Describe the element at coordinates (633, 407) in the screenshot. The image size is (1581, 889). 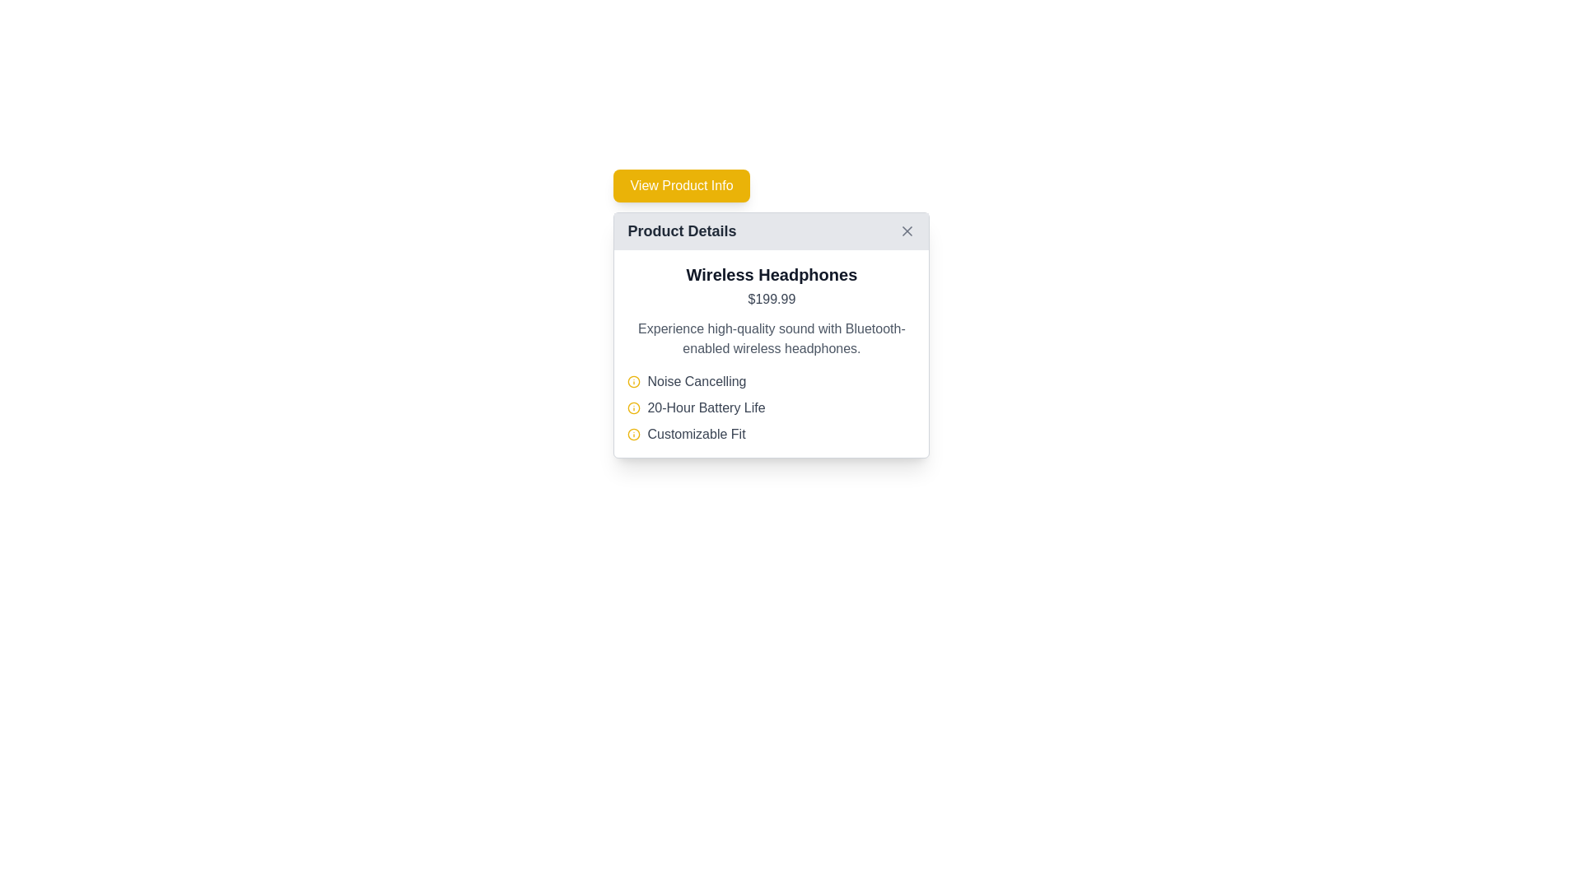
I see `the informational help icon located in the 'Product Details' card` at that location.